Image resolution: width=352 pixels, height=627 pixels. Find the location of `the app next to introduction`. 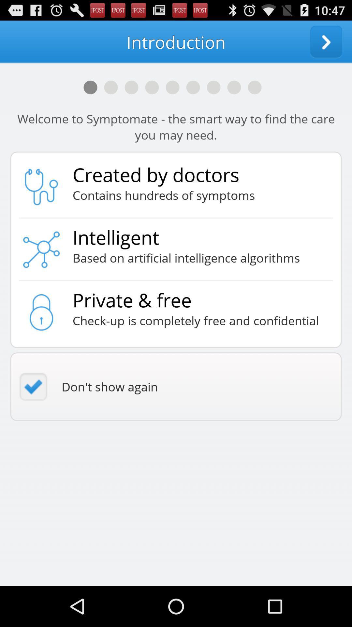

the app next to introduction is located at coordinates (326, 41).